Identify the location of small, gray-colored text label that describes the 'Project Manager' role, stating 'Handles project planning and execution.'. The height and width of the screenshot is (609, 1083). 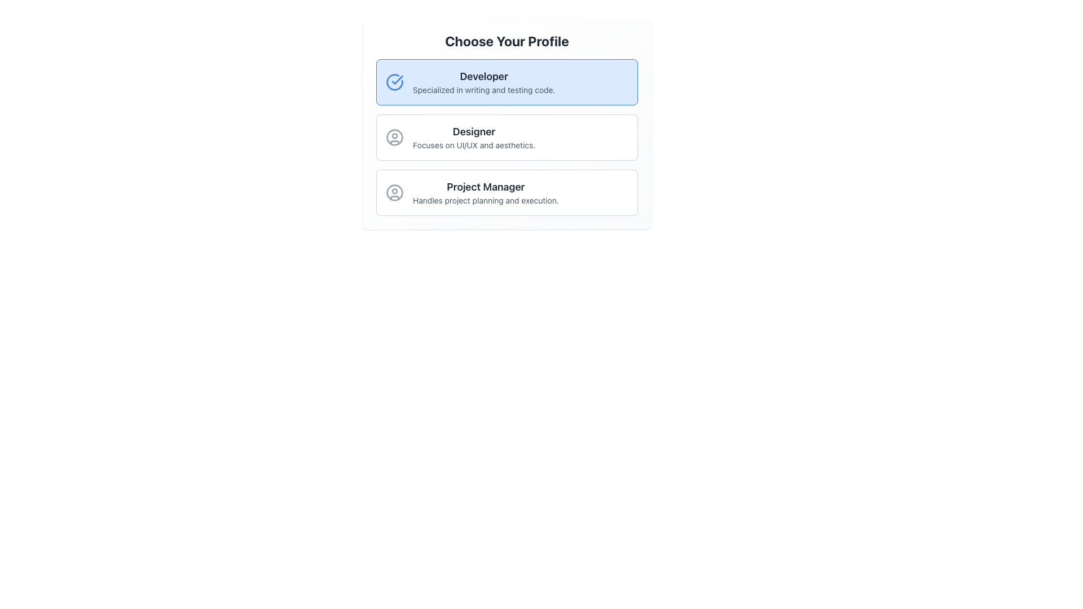
(486, 200).